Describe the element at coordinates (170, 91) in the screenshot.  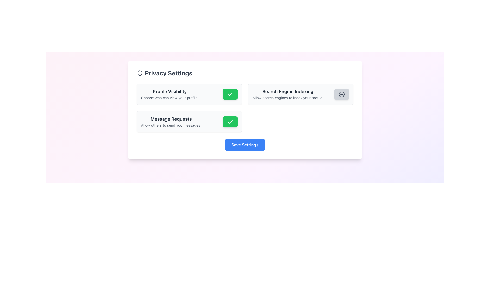
I see `the header text labeled 'Profile Visibility', which is styled in bold dark gray and located above the descriptive text in the Privacy Settings section` at that location.